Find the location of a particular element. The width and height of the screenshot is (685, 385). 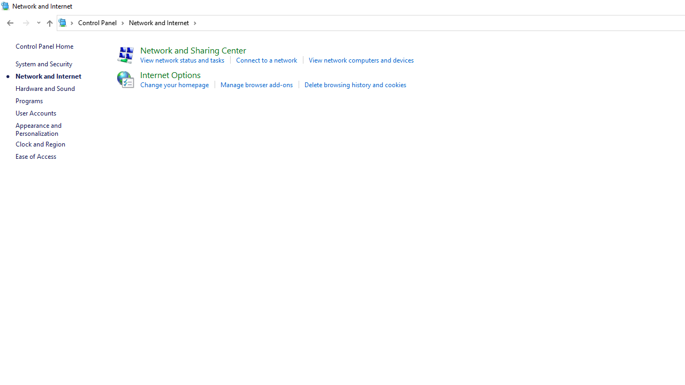

'All locations' is located at coordinates (66, 22).